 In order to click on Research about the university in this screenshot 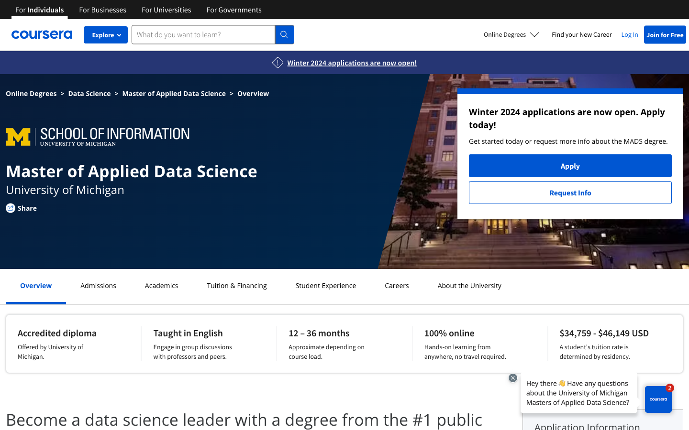, I will do `click(469, 285)`.